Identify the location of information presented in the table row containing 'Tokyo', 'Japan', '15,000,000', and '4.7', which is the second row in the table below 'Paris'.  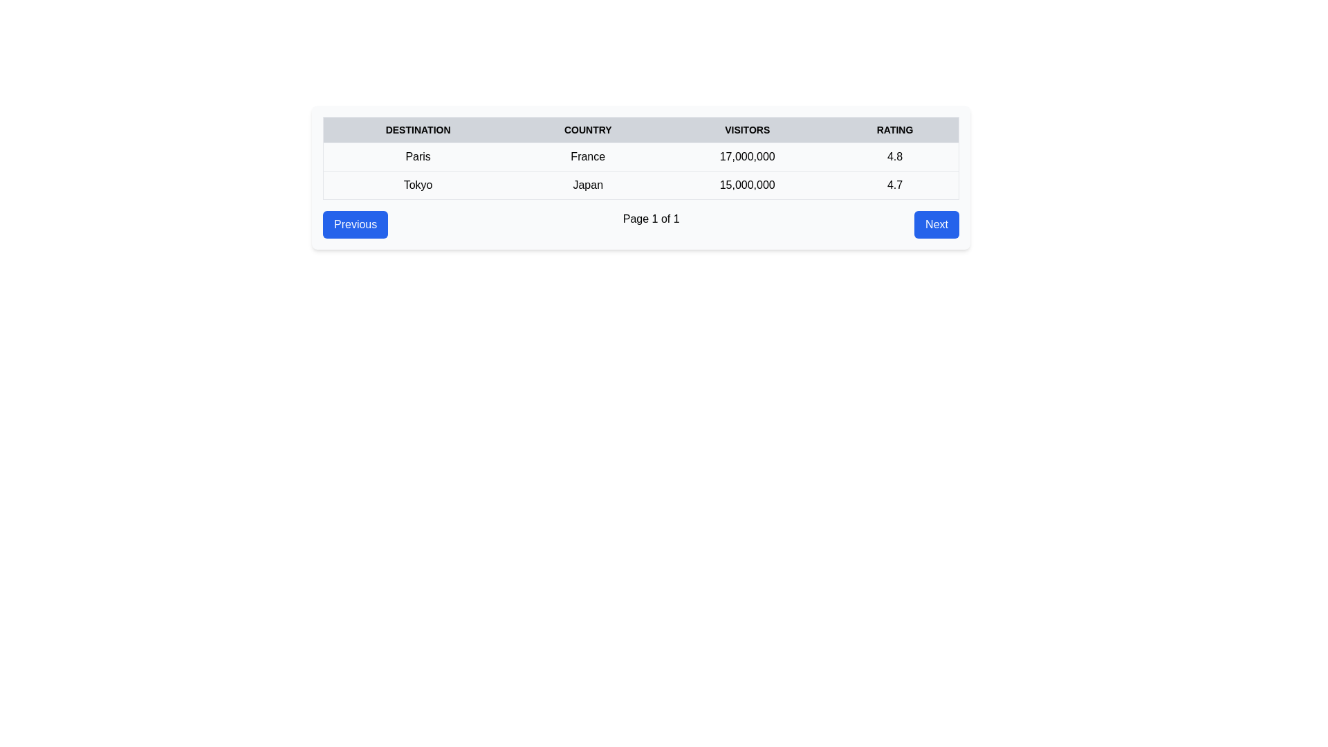
(640, 184).